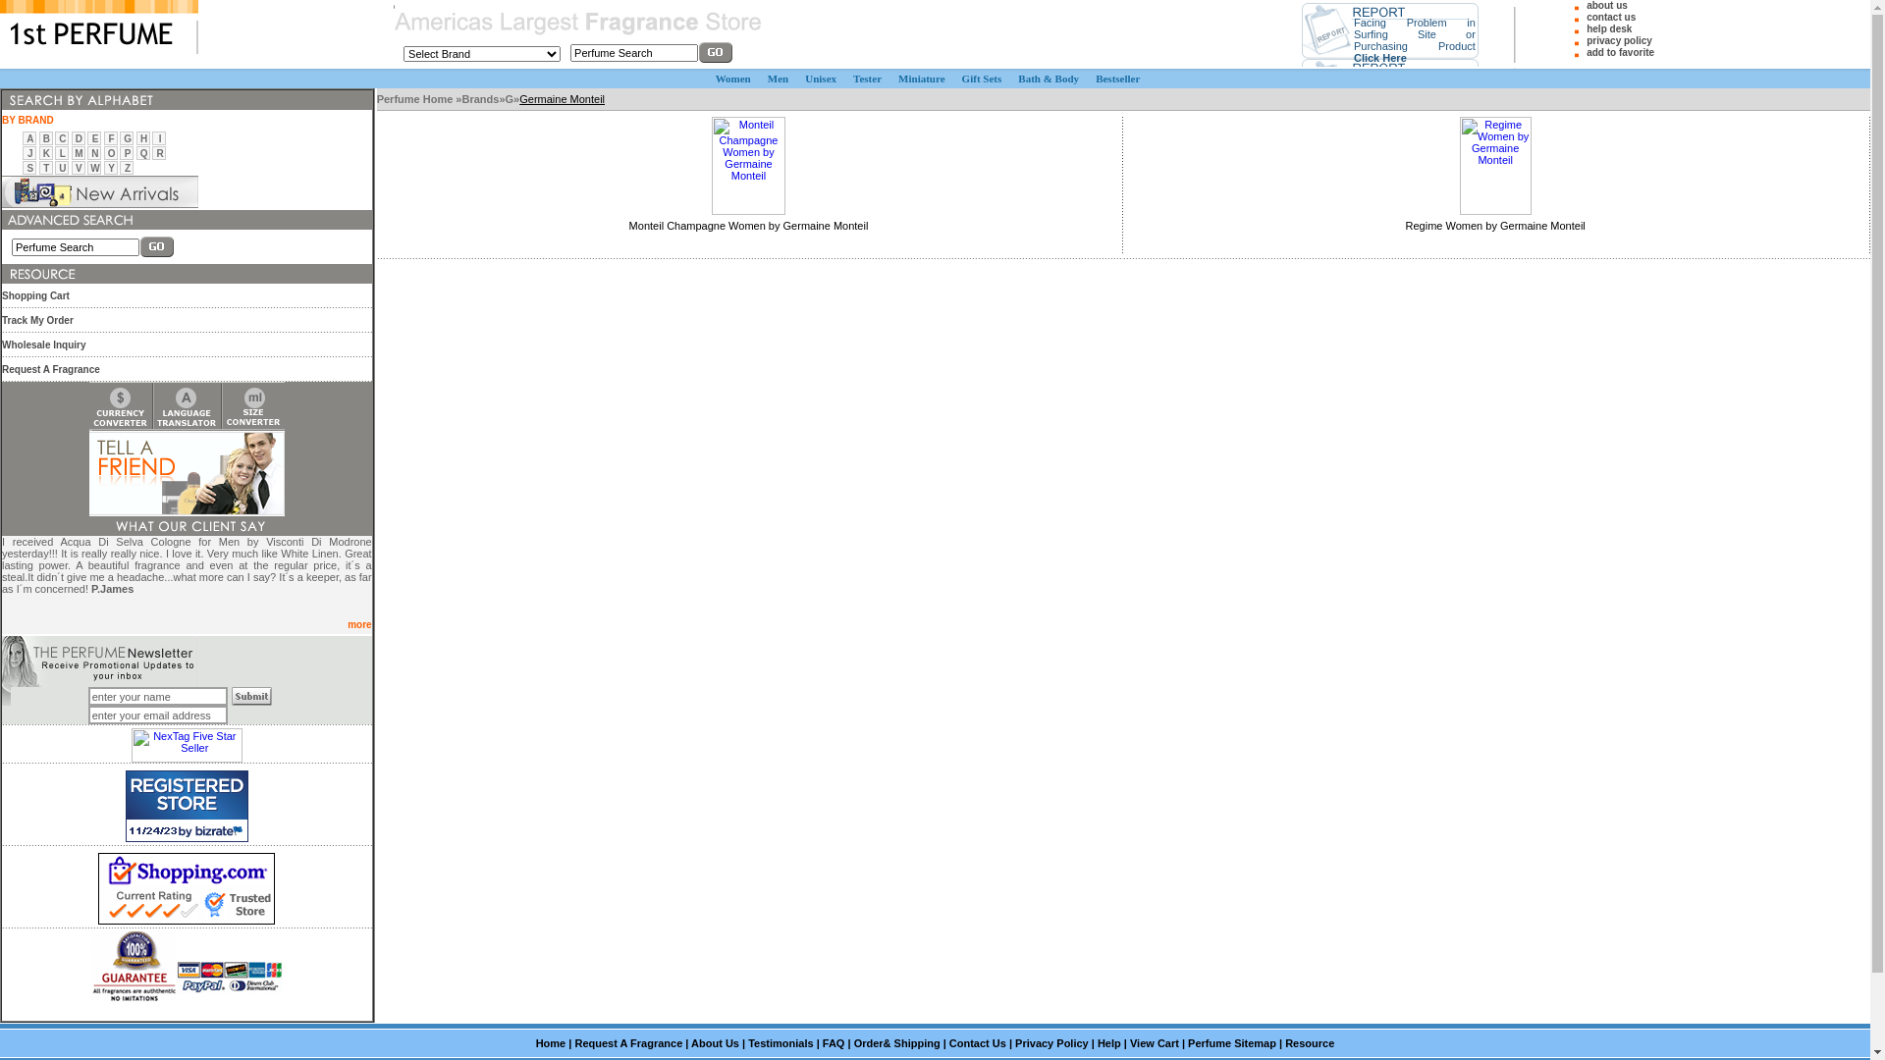  Describe the element at coordinates (550, 1042) in the screenshot. I see `'Home'` at that location.